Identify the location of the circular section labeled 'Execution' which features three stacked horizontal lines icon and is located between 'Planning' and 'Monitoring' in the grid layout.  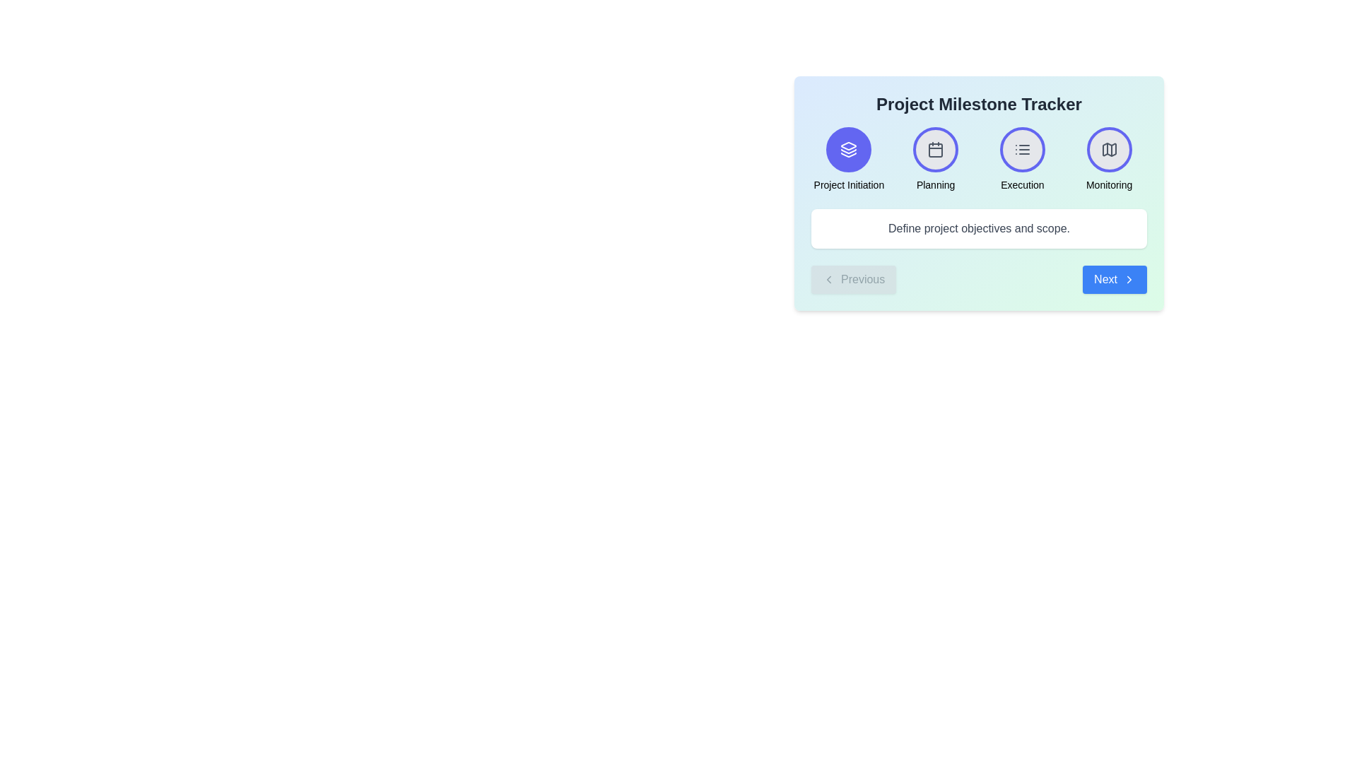
(1022, 159).